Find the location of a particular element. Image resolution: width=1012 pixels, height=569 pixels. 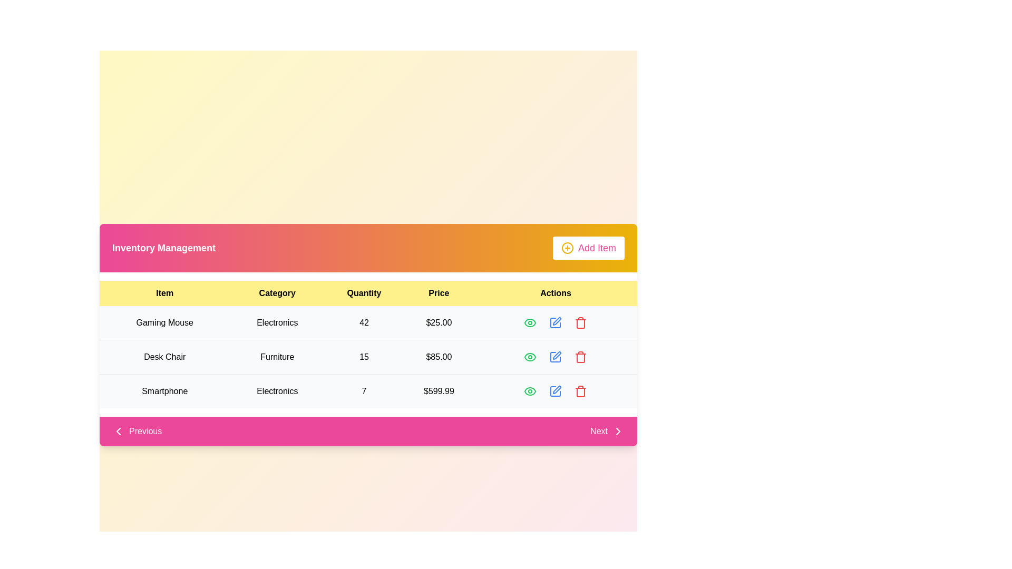

the center of the circular icon button with a yellow border and a '+' symbol, located in the top-right corner of the orange-to-yellow header above the inventory table is located at coordinates (567, 248).